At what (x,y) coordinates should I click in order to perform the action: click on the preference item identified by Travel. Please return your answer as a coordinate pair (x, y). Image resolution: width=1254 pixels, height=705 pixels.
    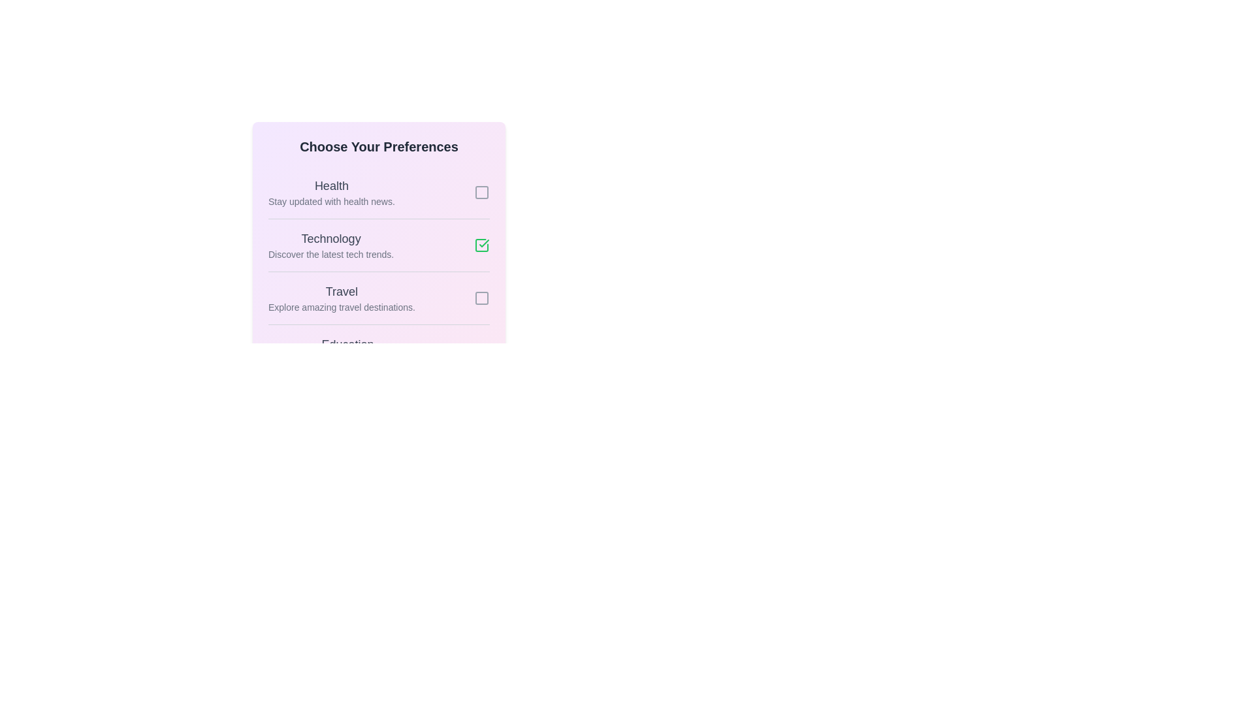
    Looking at the image, I should click on (481, 298).